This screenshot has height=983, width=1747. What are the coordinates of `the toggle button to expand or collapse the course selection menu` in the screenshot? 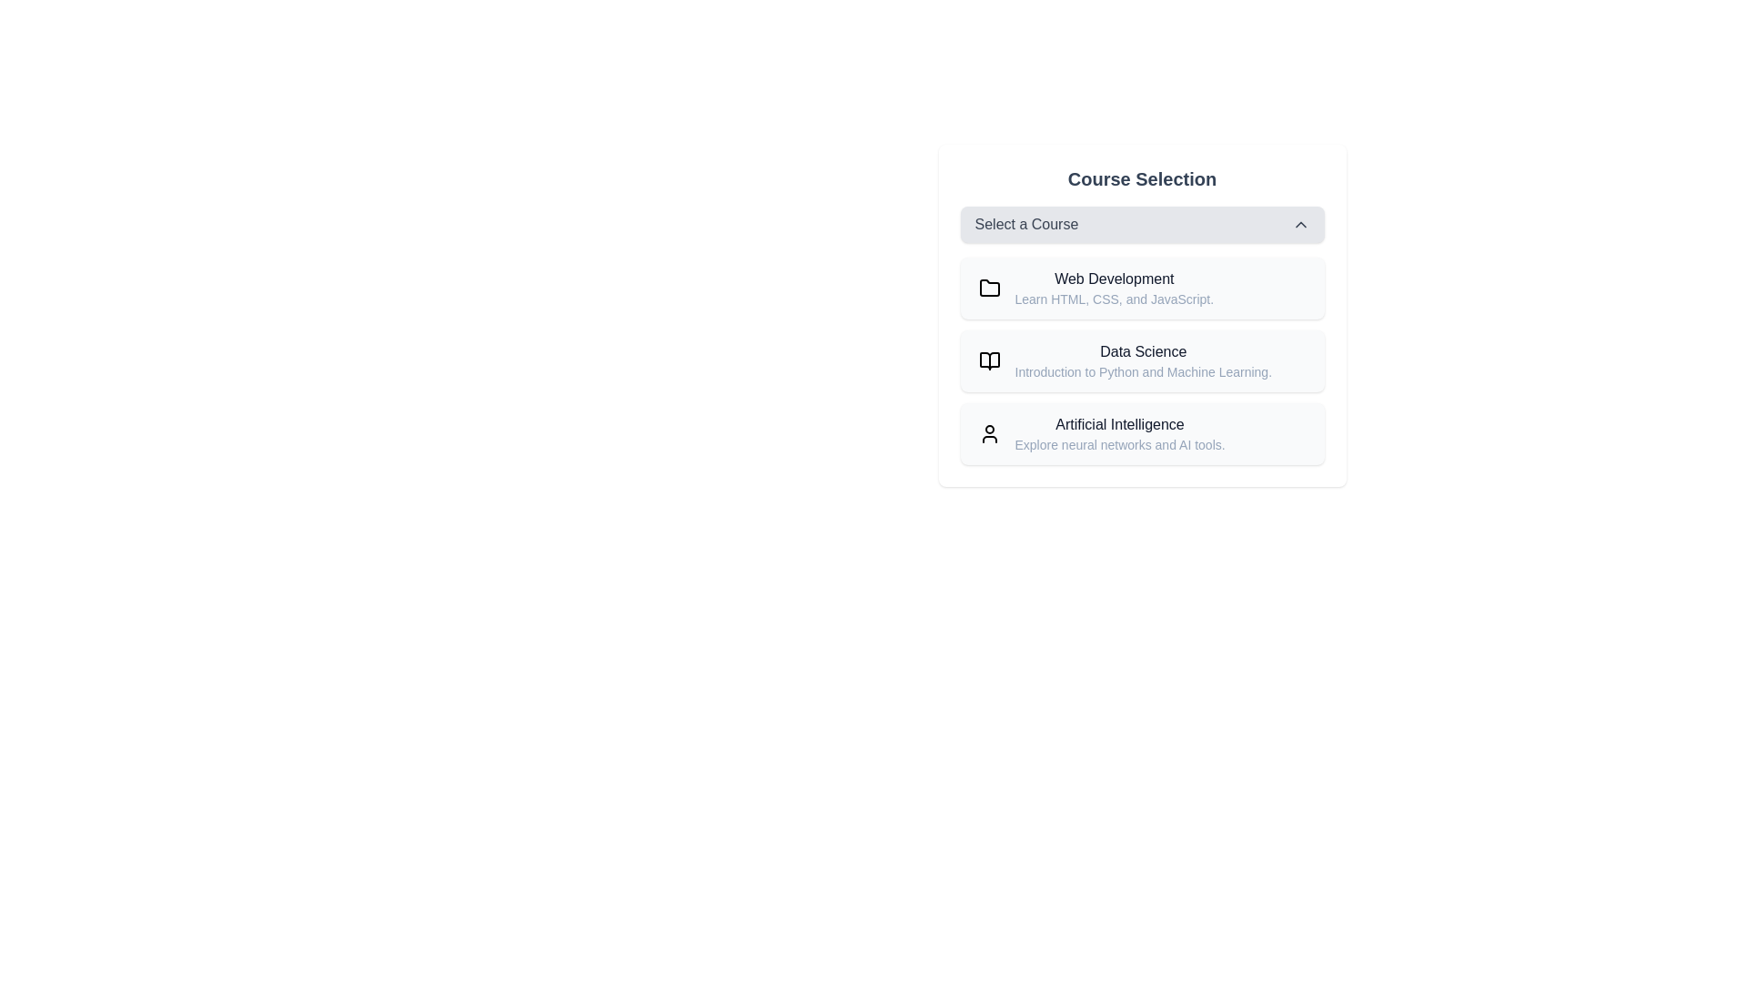 It's located at (1141, 223).